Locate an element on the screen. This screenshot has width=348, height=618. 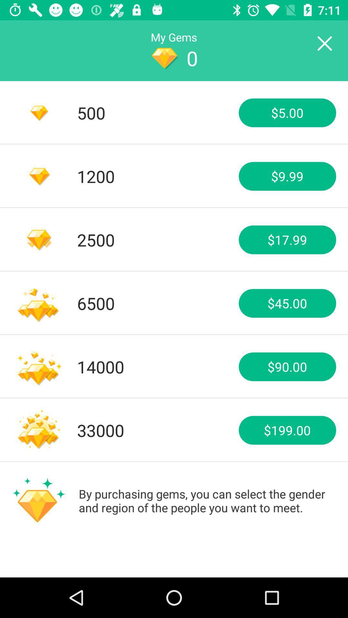
the icon left side of number 2500 is located at coordinates (39, 239).